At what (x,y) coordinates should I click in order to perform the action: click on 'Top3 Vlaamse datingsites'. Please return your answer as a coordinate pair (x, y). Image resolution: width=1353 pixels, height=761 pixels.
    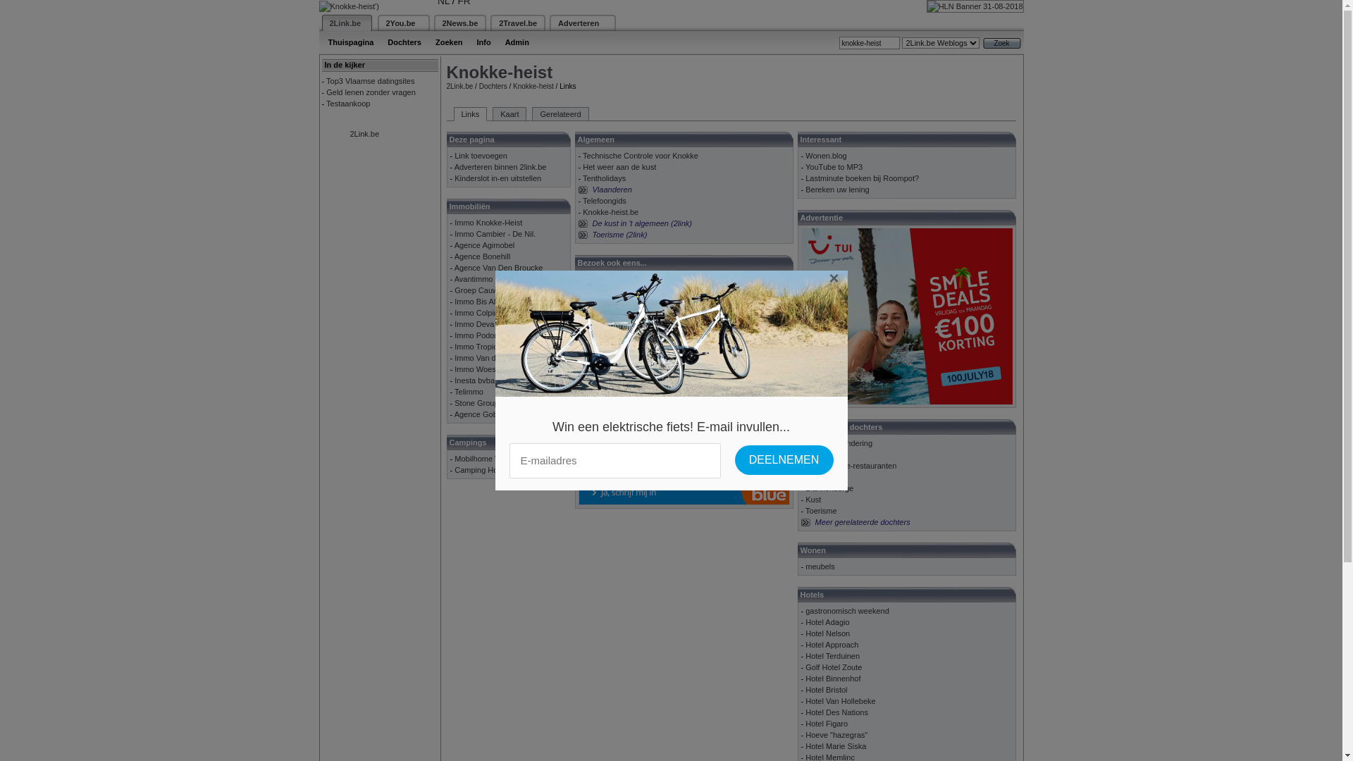
    Looking at the image, I should click on (325, 81).